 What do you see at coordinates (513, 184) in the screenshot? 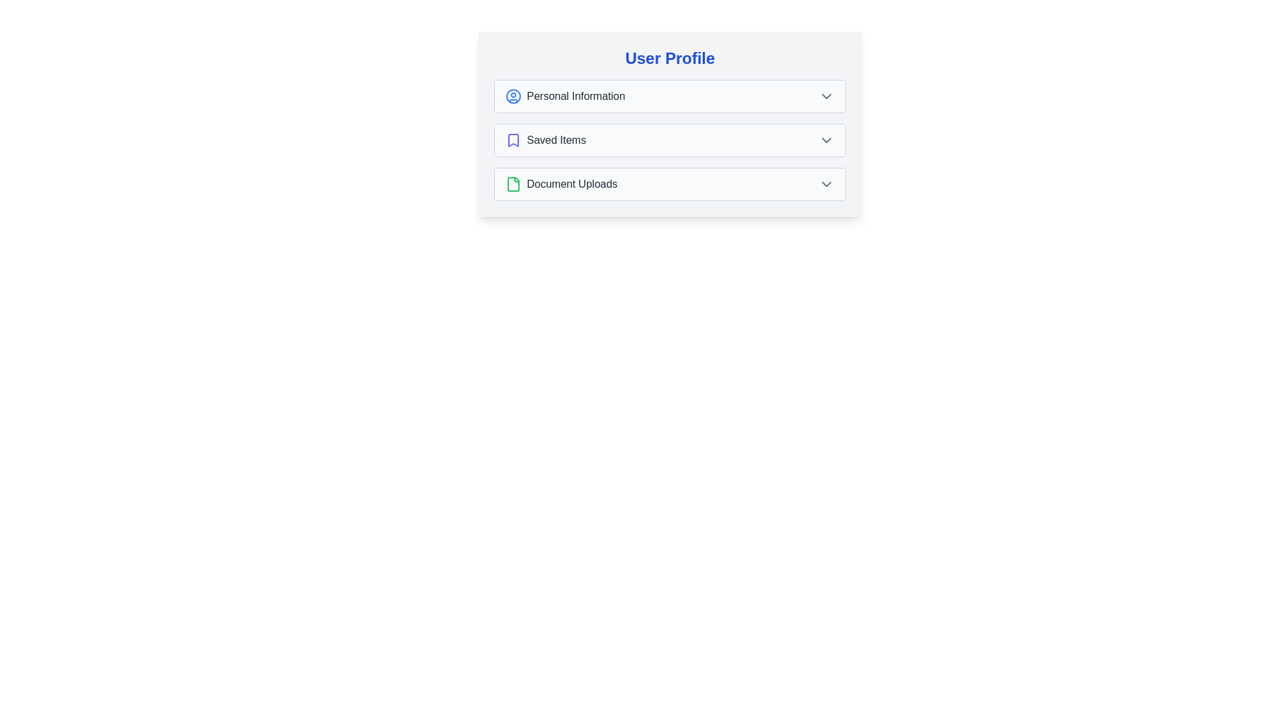
I see `the green-colored file icon located to the far-left of the 'Document Uploads' label in the 'User Profile' section for detailed inspection` at bounding box center [513, 184].